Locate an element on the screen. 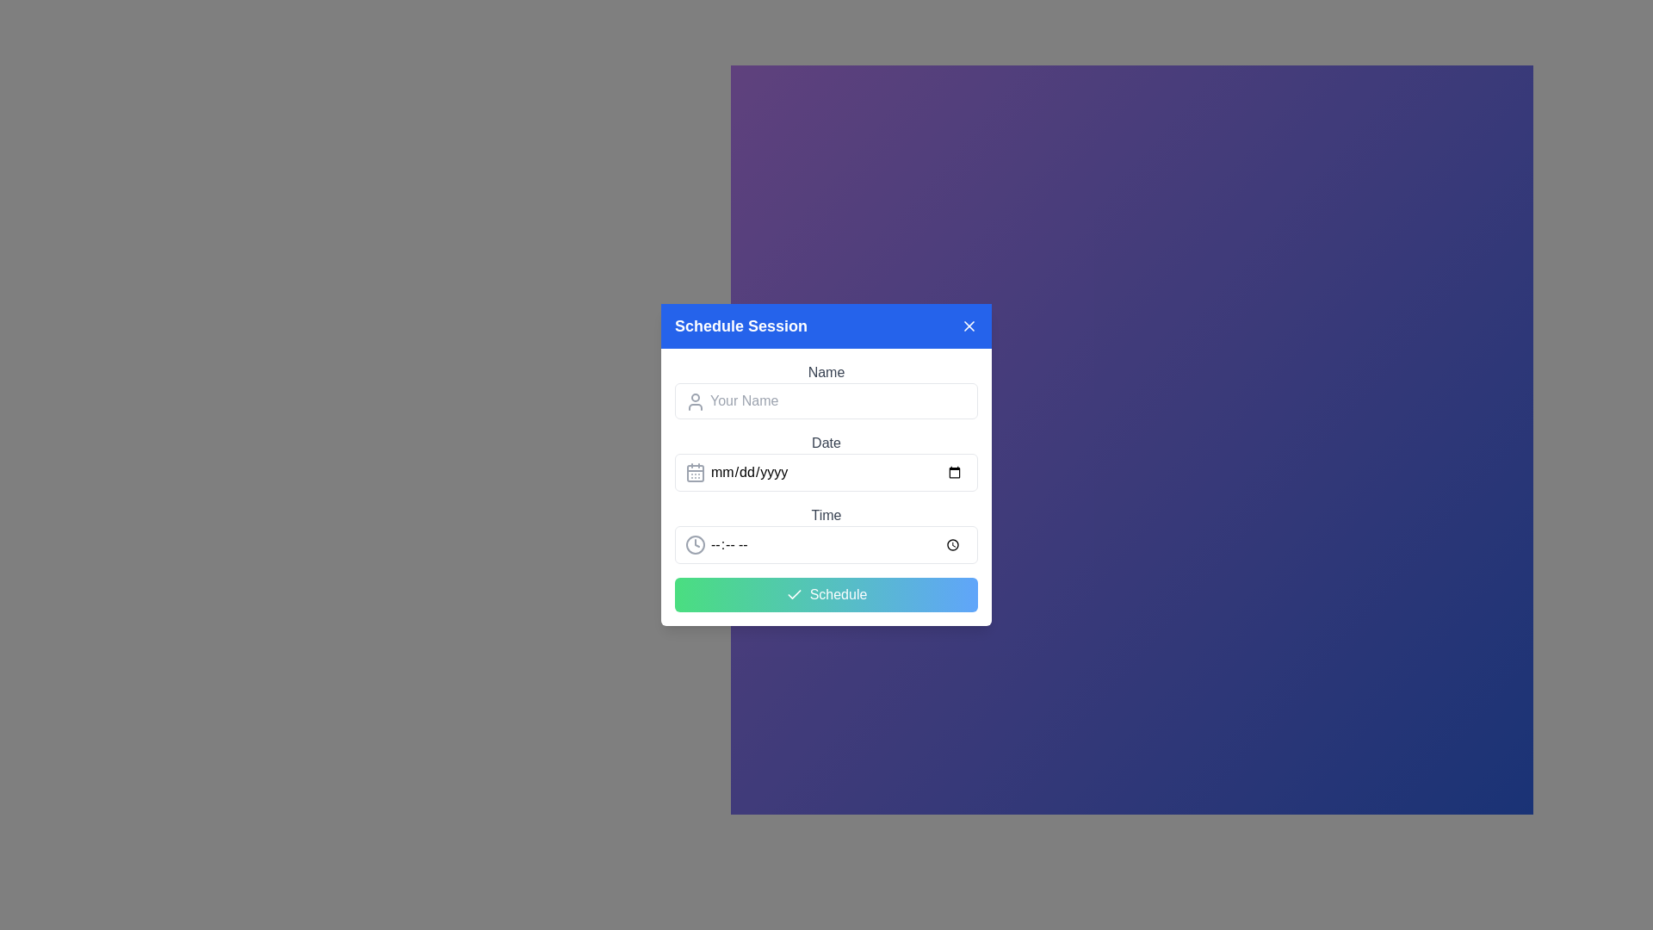 This screenshot has width=1653, height=930. the checkmark icon inside the 'Schedule' button is located at coordinates (793, 593).